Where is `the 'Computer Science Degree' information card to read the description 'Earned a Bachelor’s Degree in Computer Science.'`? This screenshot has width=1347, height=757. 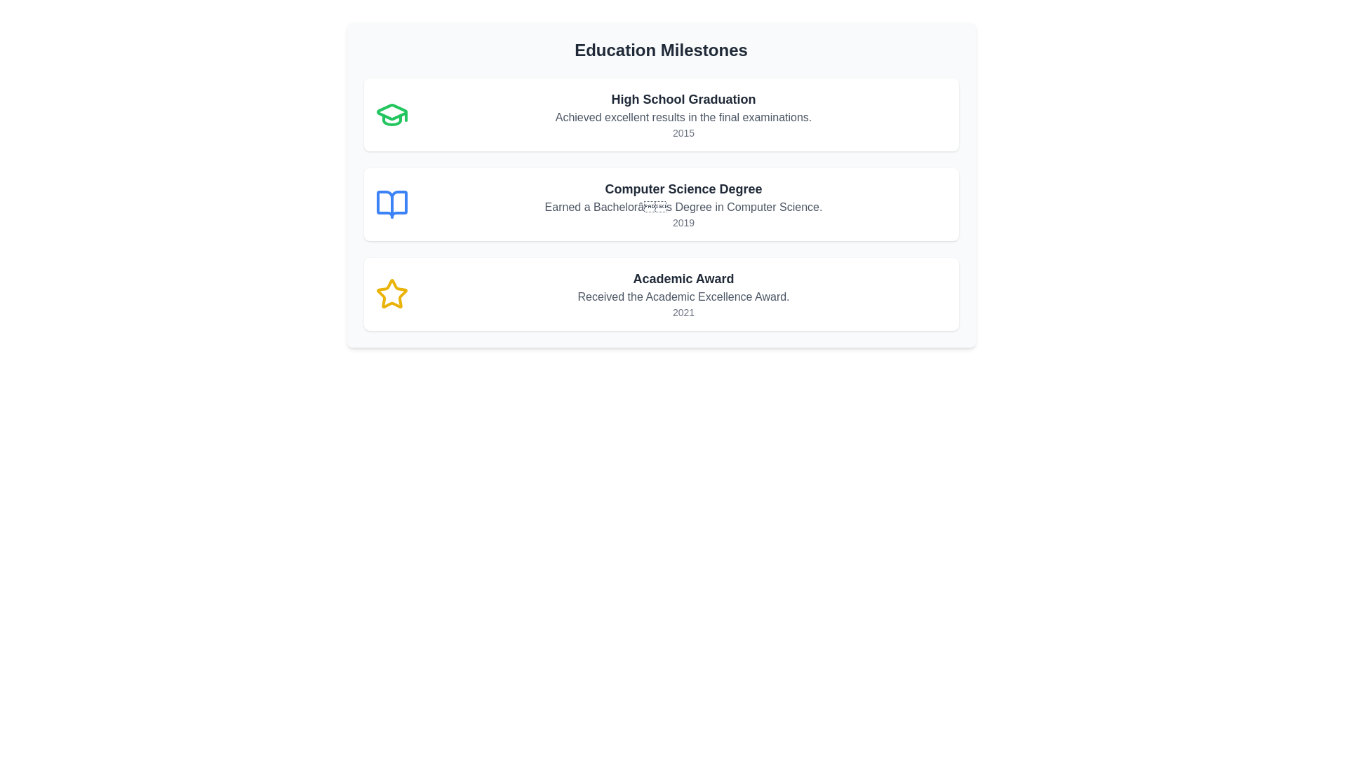 the 'Computer Science Degree' information card to read the description 'Earned a Bachelor’s Degree in Computer Science.' is located at coordinates (660, 205).